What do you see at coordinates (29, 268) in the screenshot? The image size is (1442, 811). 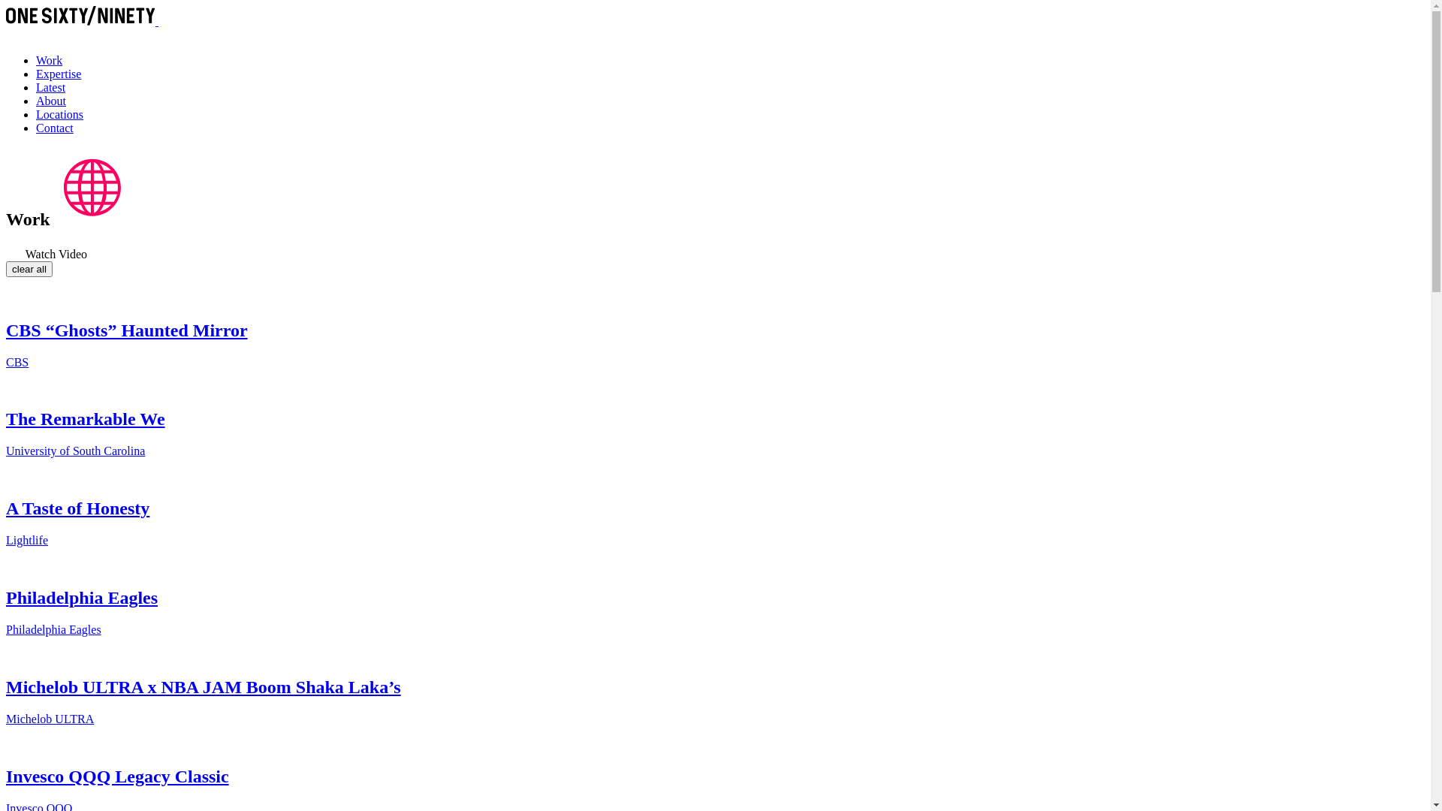 I see `'clear all'` at bounding box center [29, 268].